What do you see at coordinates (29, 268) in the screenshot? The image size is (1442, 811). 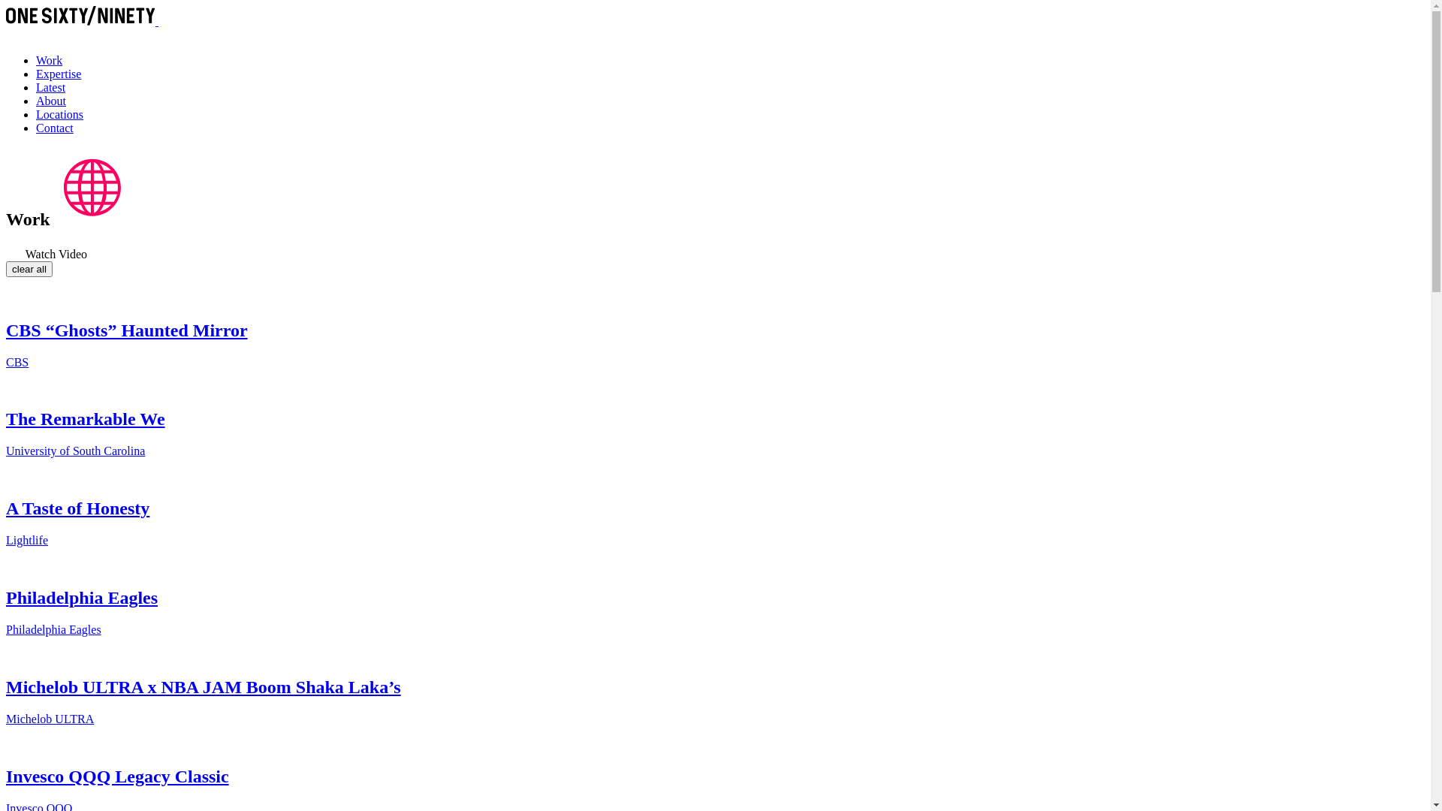 I see `'clear all'` at bounding box center [29, 268].